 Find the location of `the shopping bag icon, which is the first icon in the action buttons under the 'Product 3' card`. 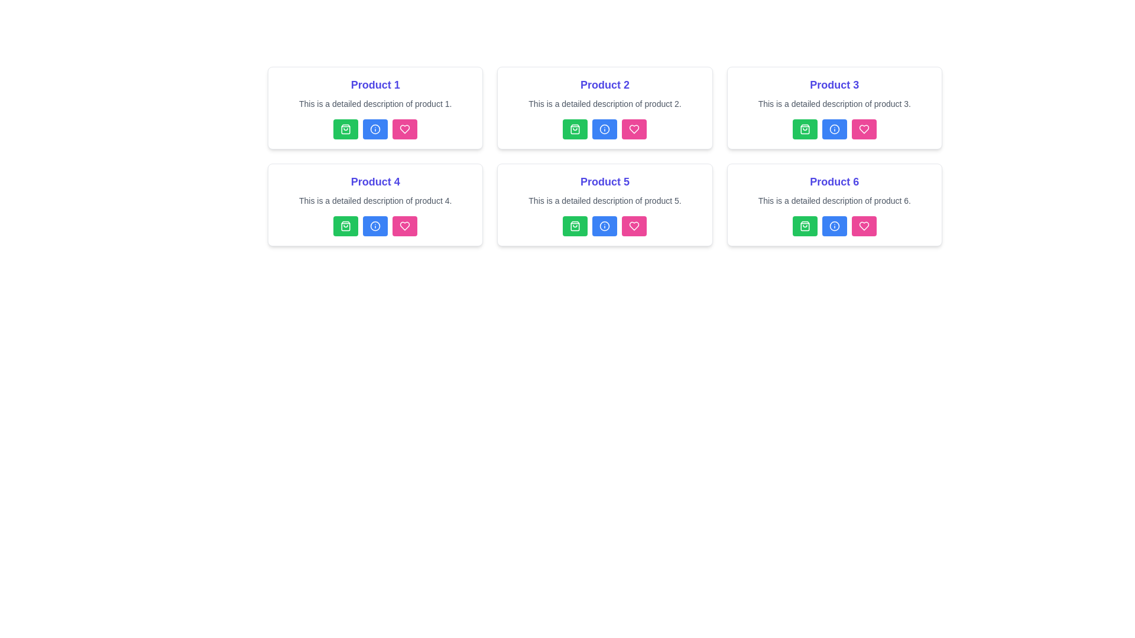

the shopping bag icon, which is the first icon in the action buttons under the 'Product 3' card is located at coordinates (804, 129).